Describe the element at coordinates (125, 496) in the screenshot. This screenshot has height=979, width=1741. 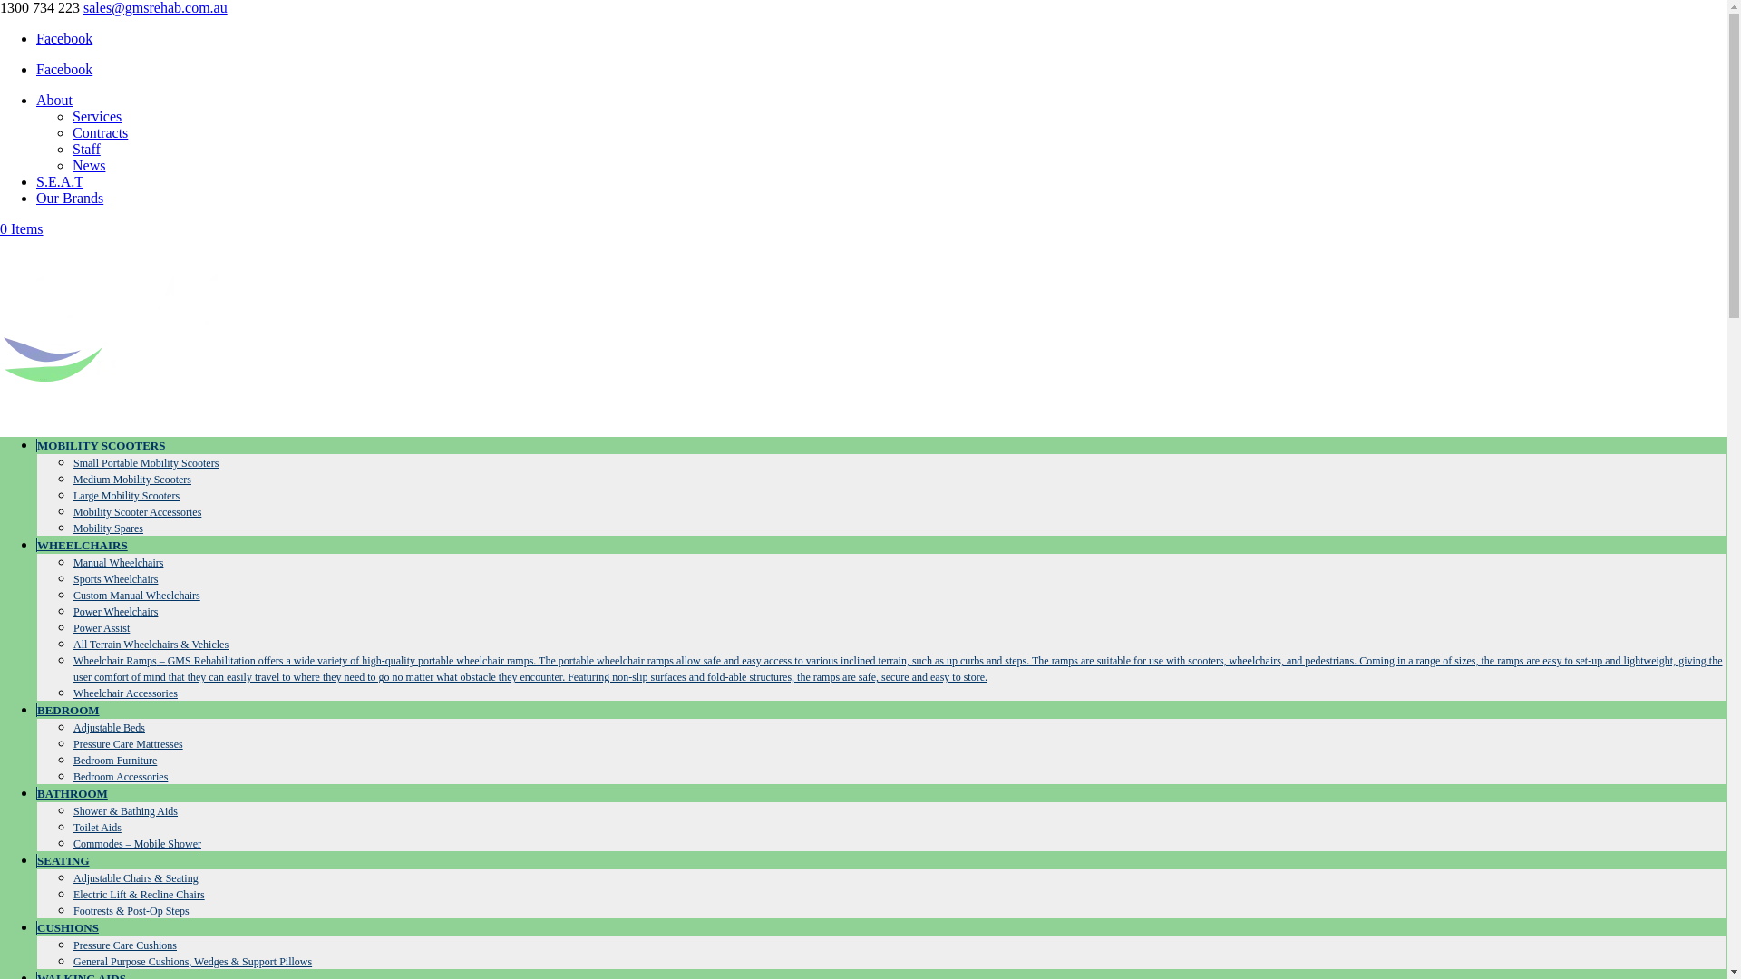
I see `'Large Mobility Scooters'` at that location.